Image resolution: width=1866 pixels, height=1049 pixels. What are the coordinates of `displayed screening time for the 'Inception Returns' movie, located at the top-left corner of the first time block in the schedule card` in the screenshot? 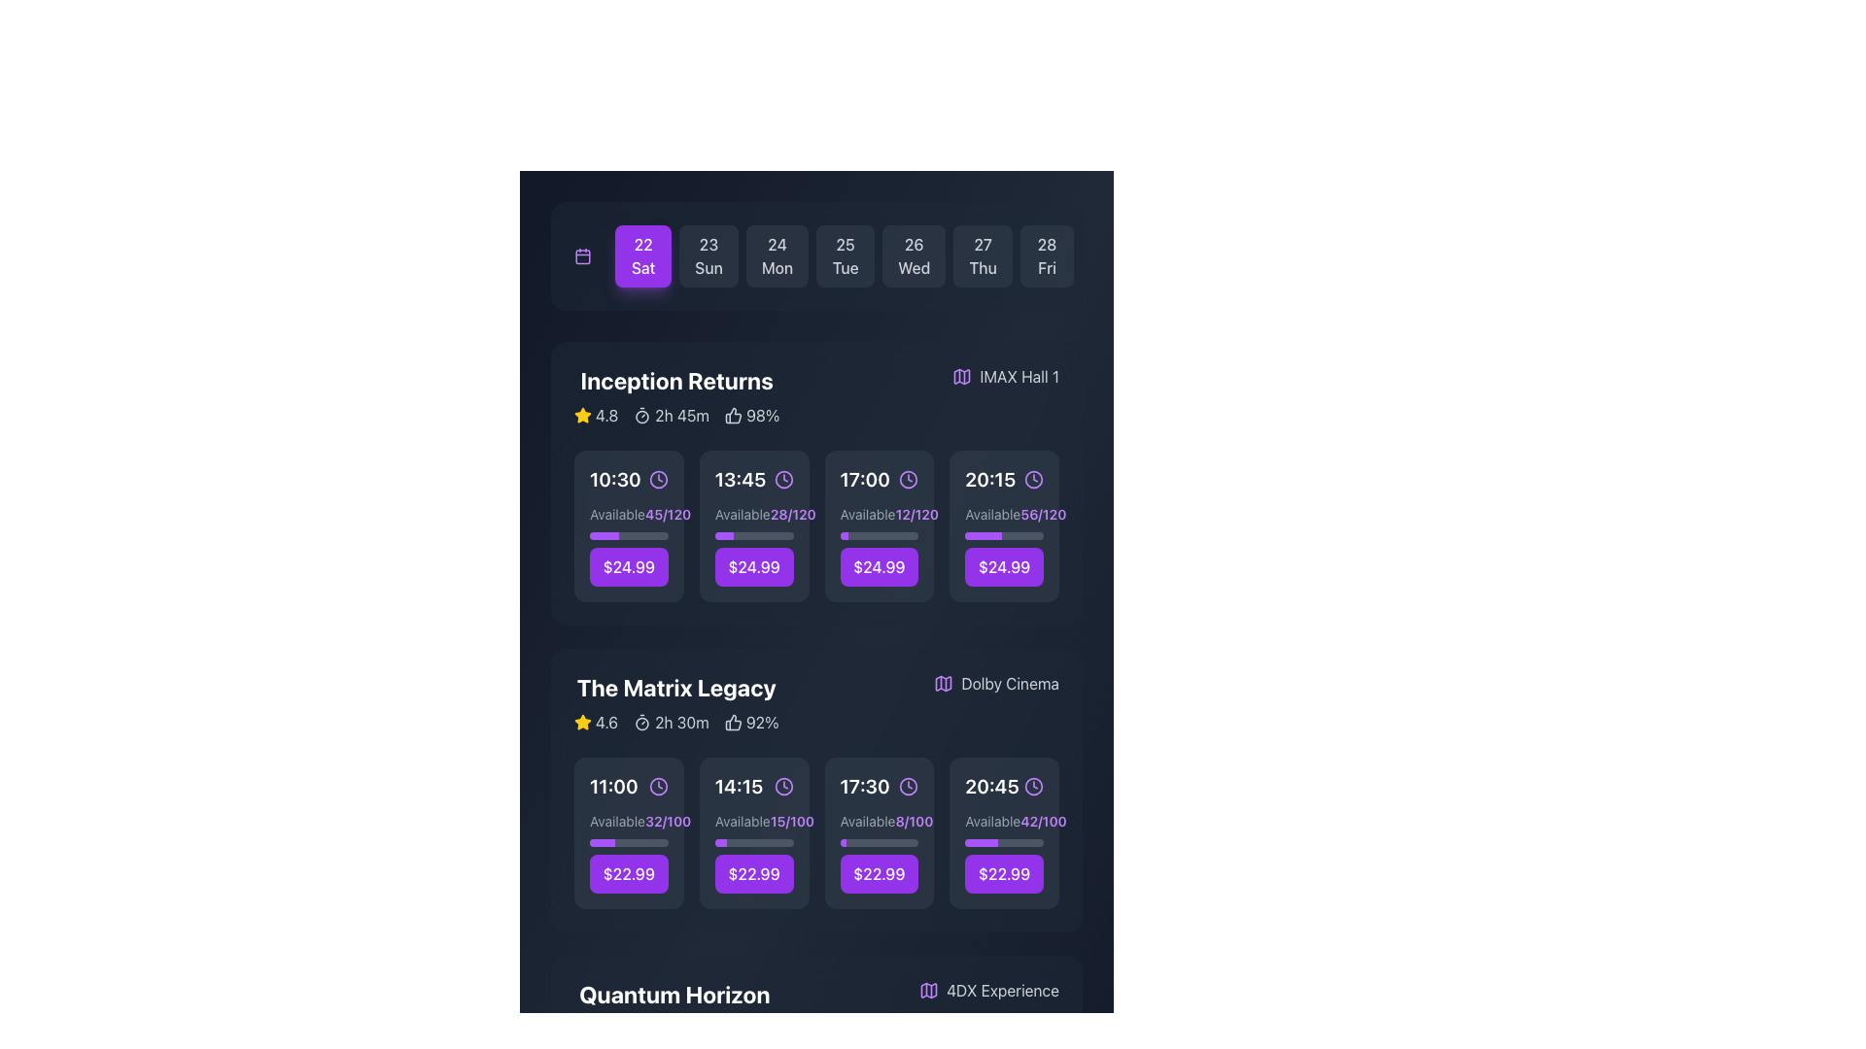 It's located at (629, 479).